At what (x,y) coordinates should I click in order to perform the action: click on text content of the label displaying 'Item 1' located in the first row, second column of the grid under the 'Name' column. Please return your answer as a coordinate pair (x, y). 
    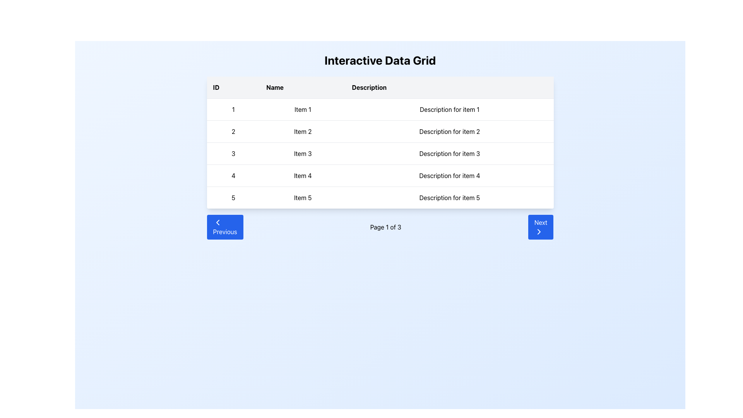
    Looking at the image, I should click on (302, 109).